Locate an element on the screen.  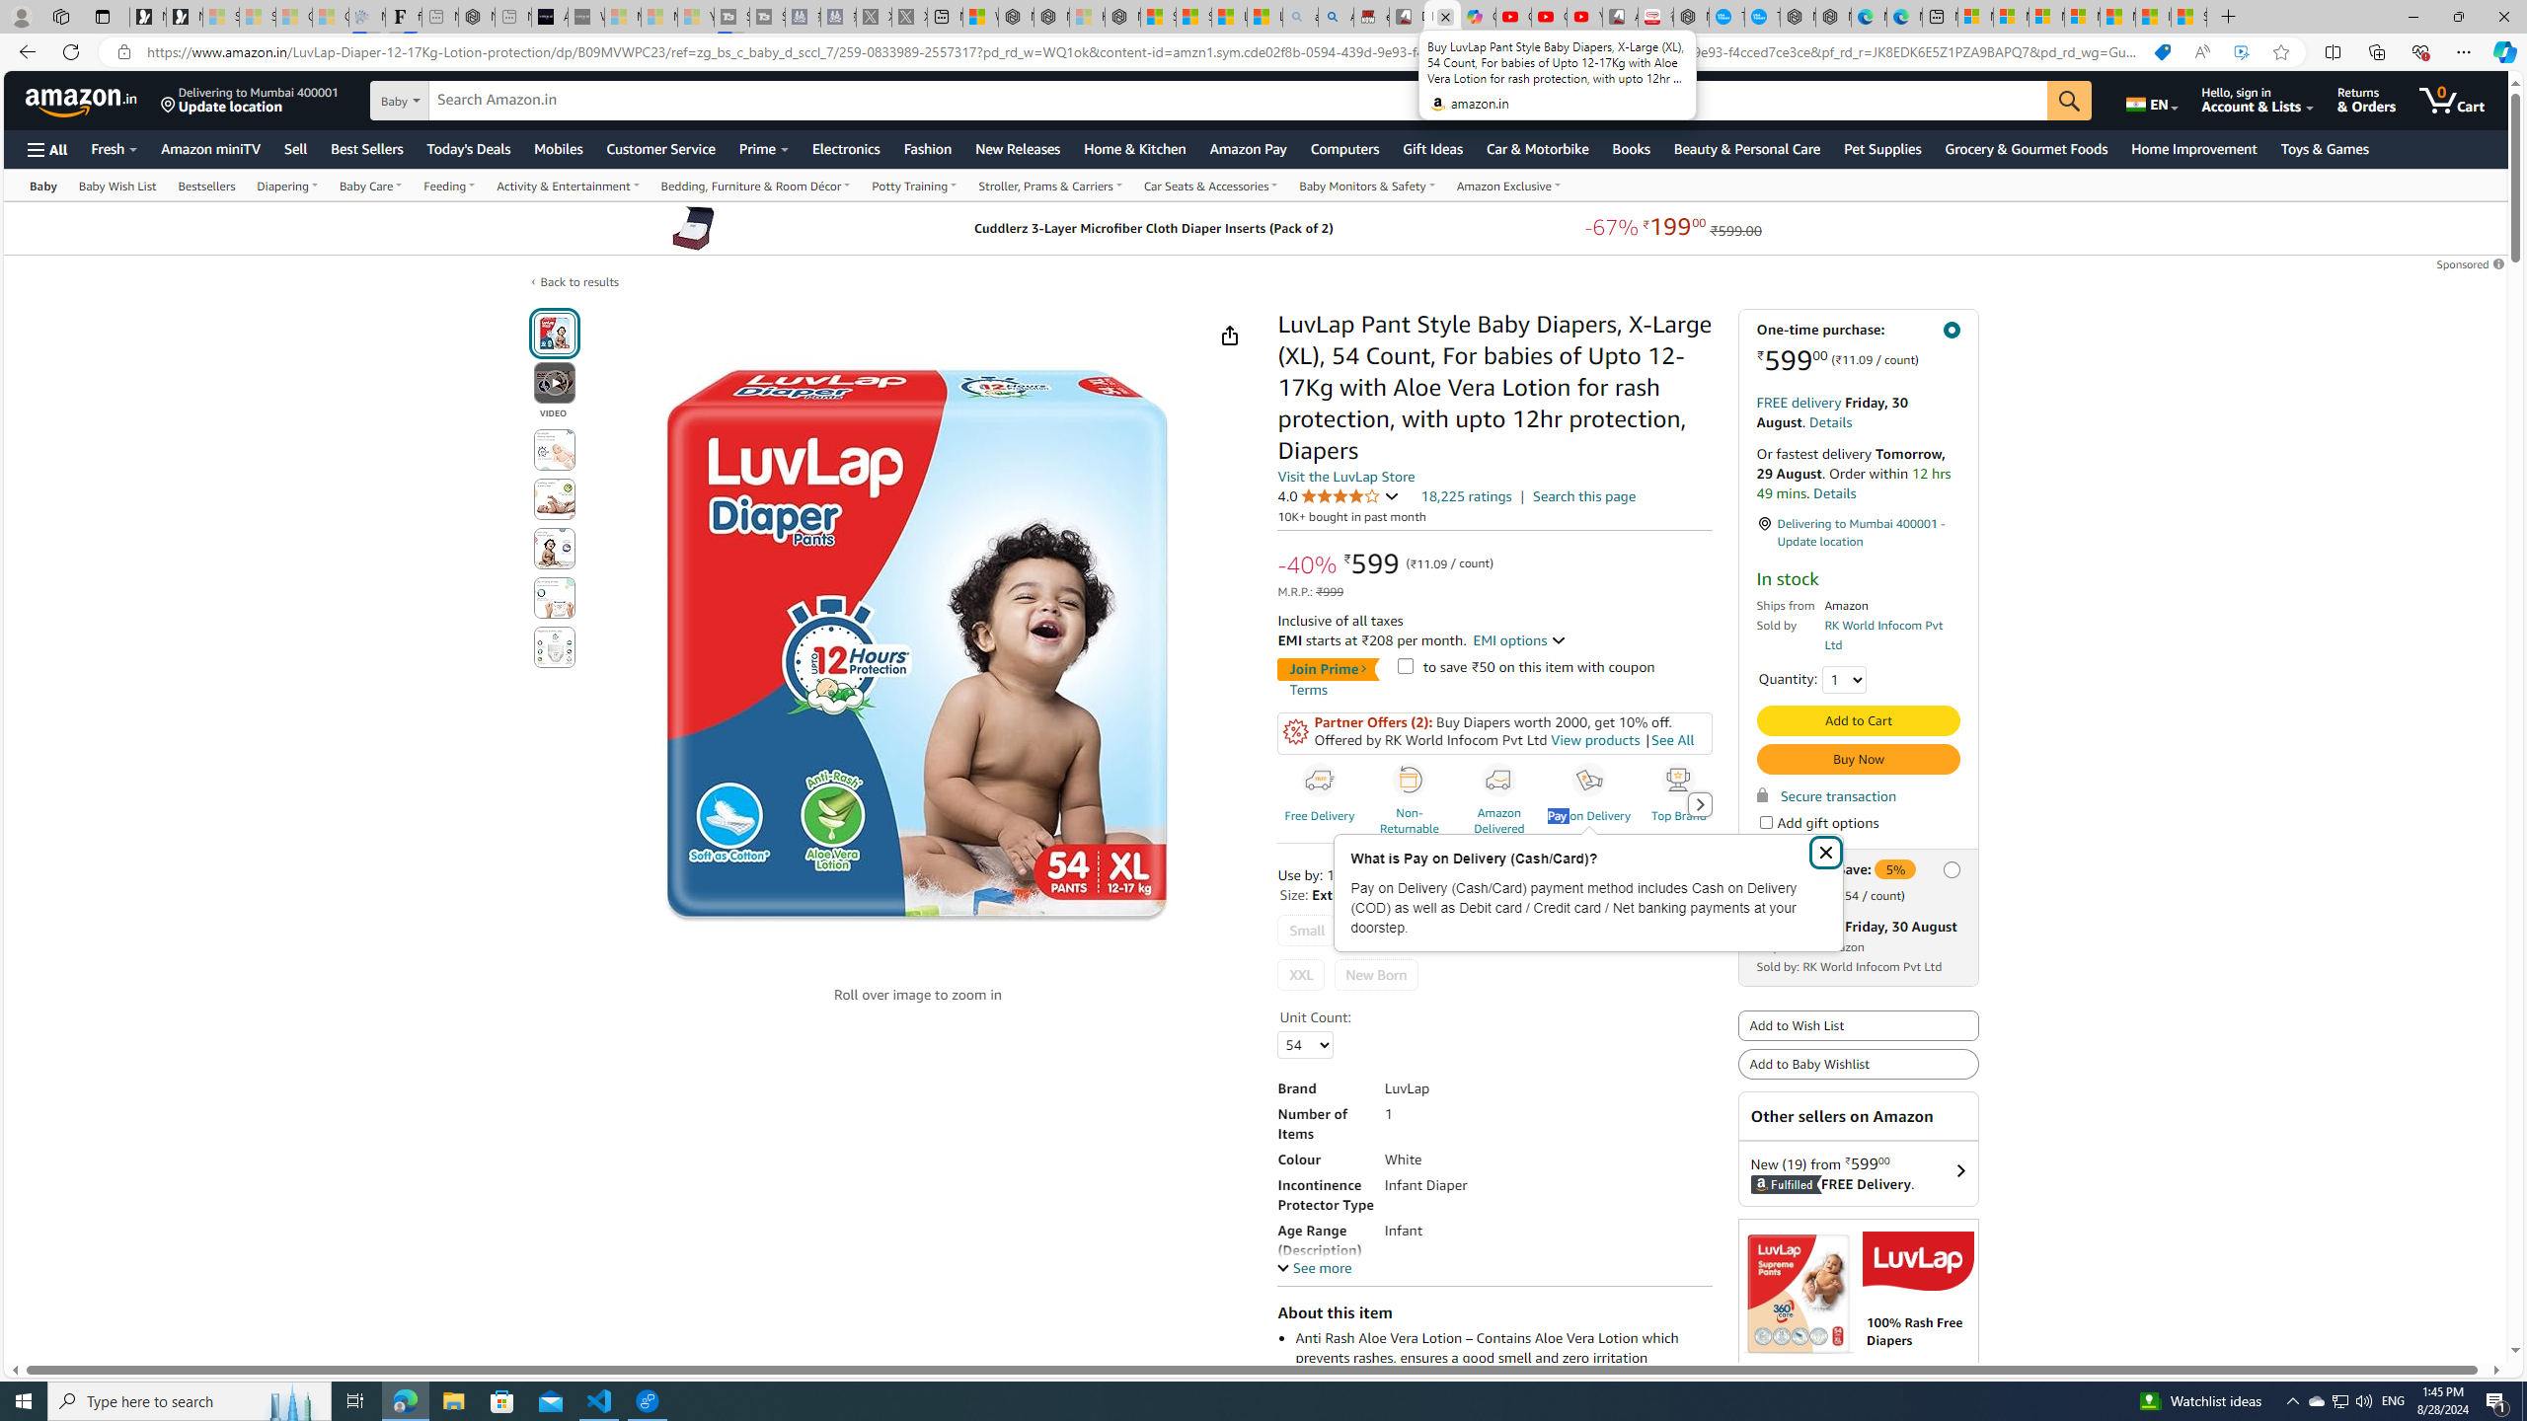
'The most popular Google ' is located at coordinates (1762, 16).